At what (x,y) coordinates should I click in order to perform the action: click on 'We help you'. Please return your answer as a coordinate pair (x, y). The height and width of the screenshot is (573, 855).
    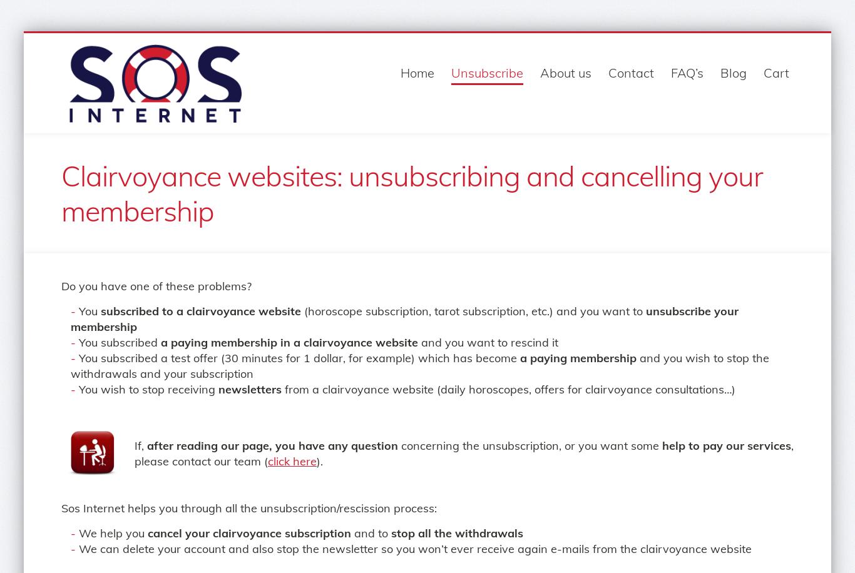
    Looking at the image, I should click on (112, 533).